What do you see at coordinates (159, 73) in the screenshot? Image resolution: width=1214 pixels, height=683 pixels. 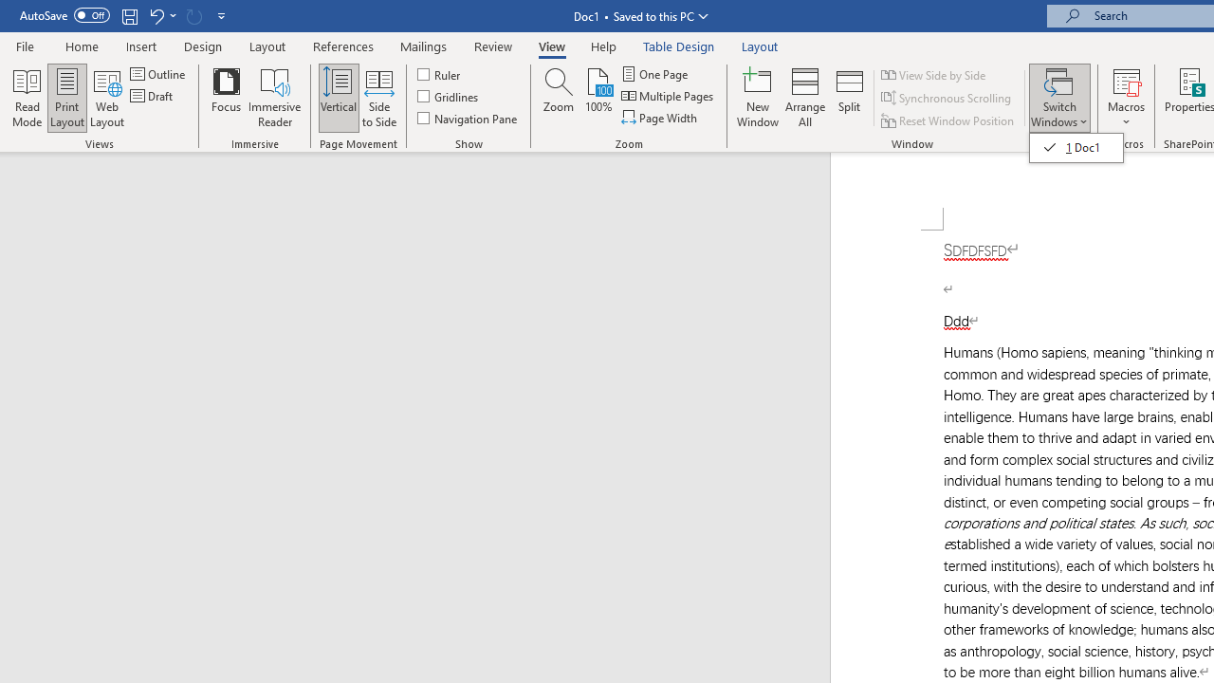 I see `'Outline'` at bounding box center [159, 73].